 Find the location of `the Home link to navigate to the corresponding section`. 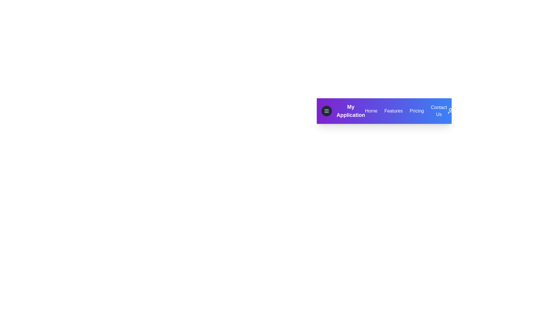

the Home link to navigate to the corresponding section is located at coordinates (371, 111).